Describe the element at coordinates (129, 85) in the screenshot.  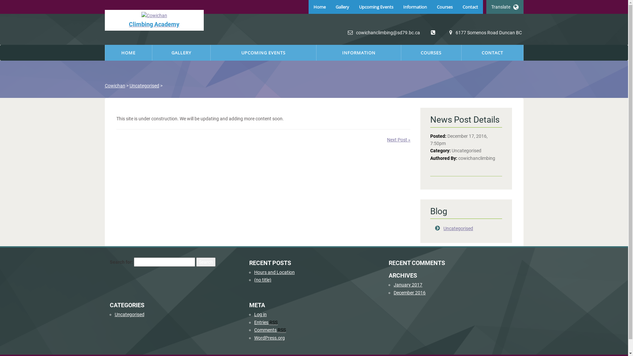
I see `'Uncategorised'` at that location.